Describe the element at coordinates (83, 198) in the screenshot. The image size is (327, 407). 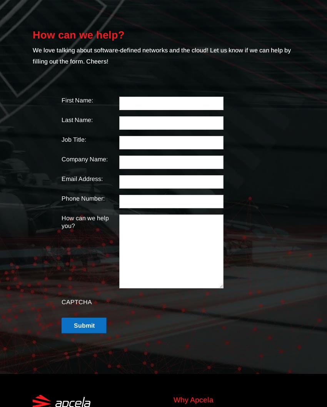
I see `'Phone Number:'` at that location.